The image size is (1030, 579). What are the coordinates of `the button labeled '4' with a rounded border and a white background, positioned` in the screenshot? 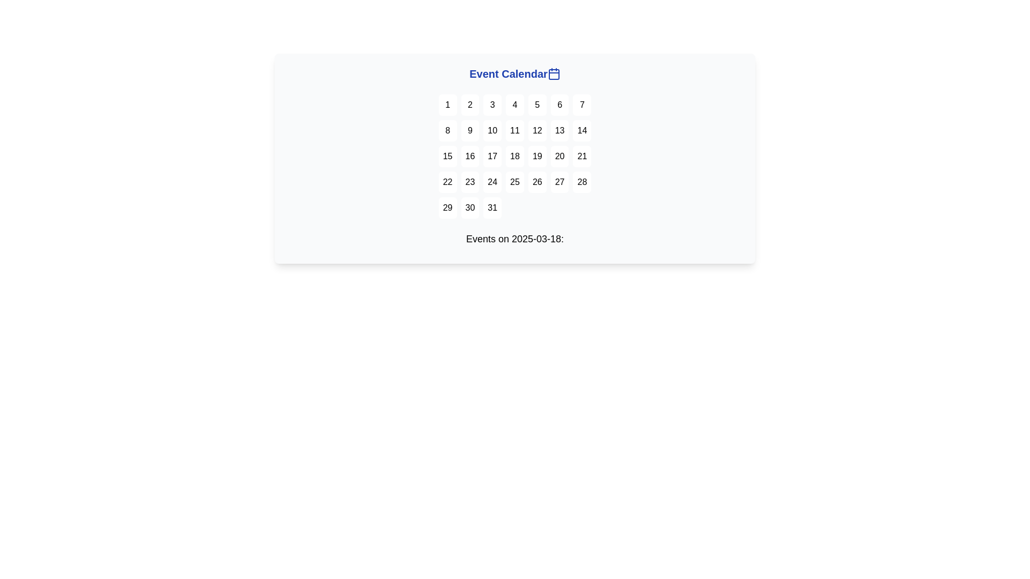 It's located at (515, 105).